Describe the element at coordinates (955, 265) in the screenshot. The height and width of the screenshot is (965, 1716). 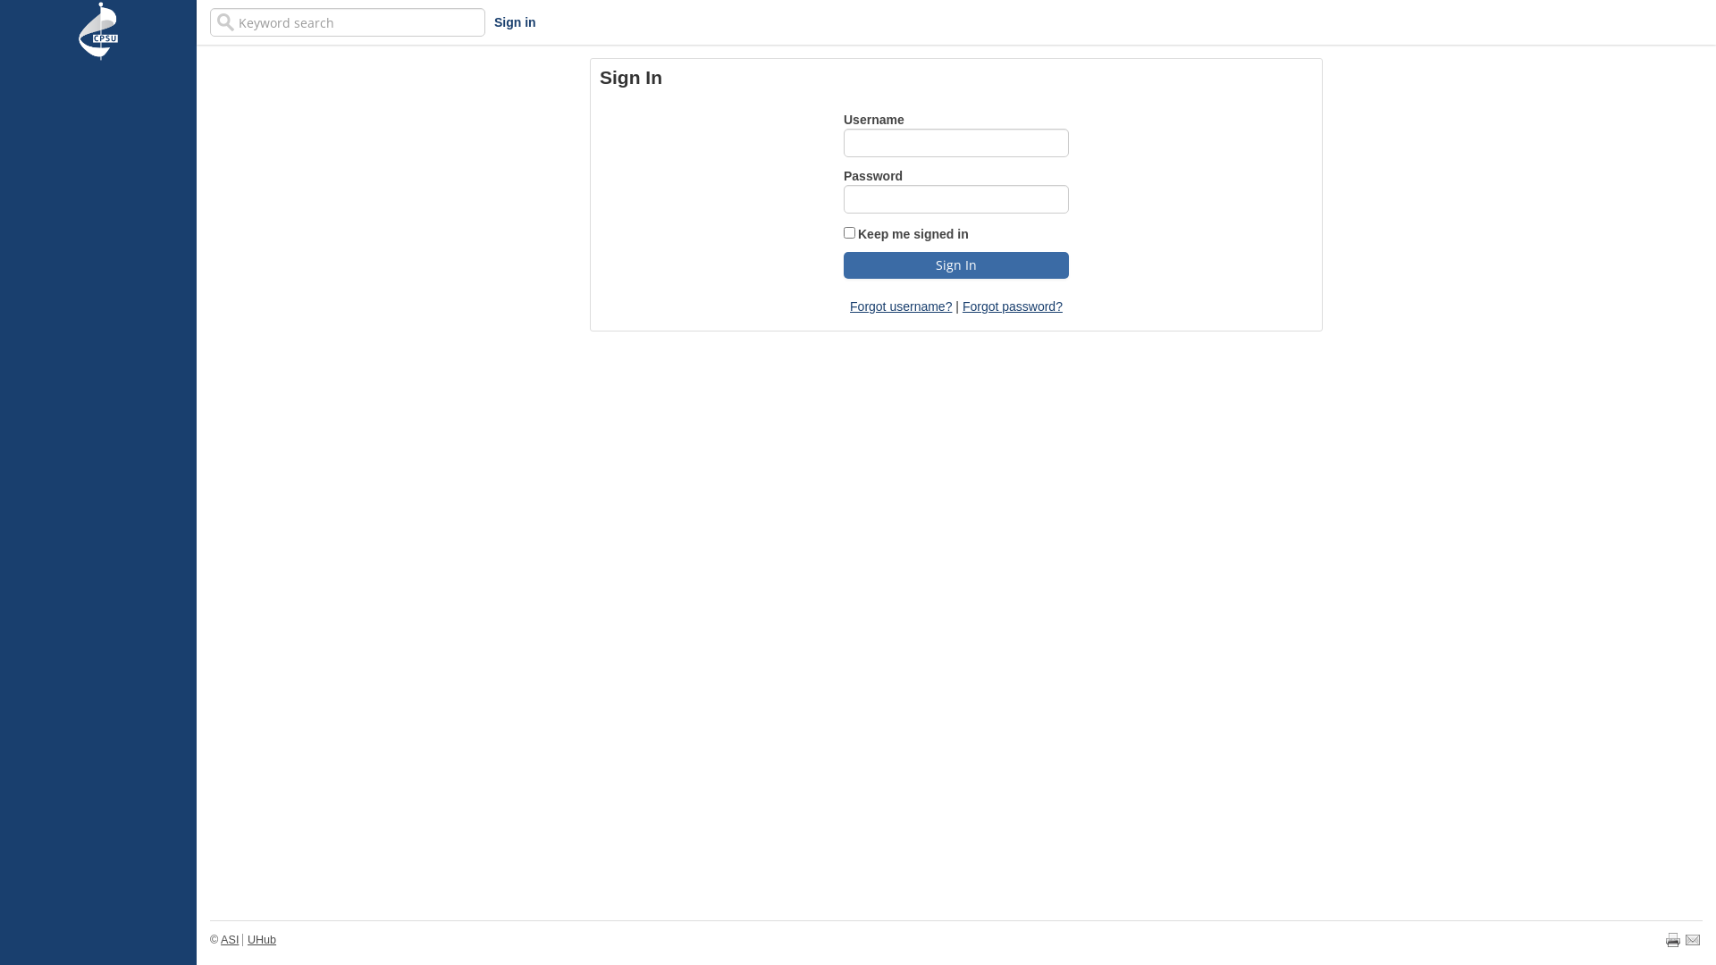
I see `'Sign In'` at that location.